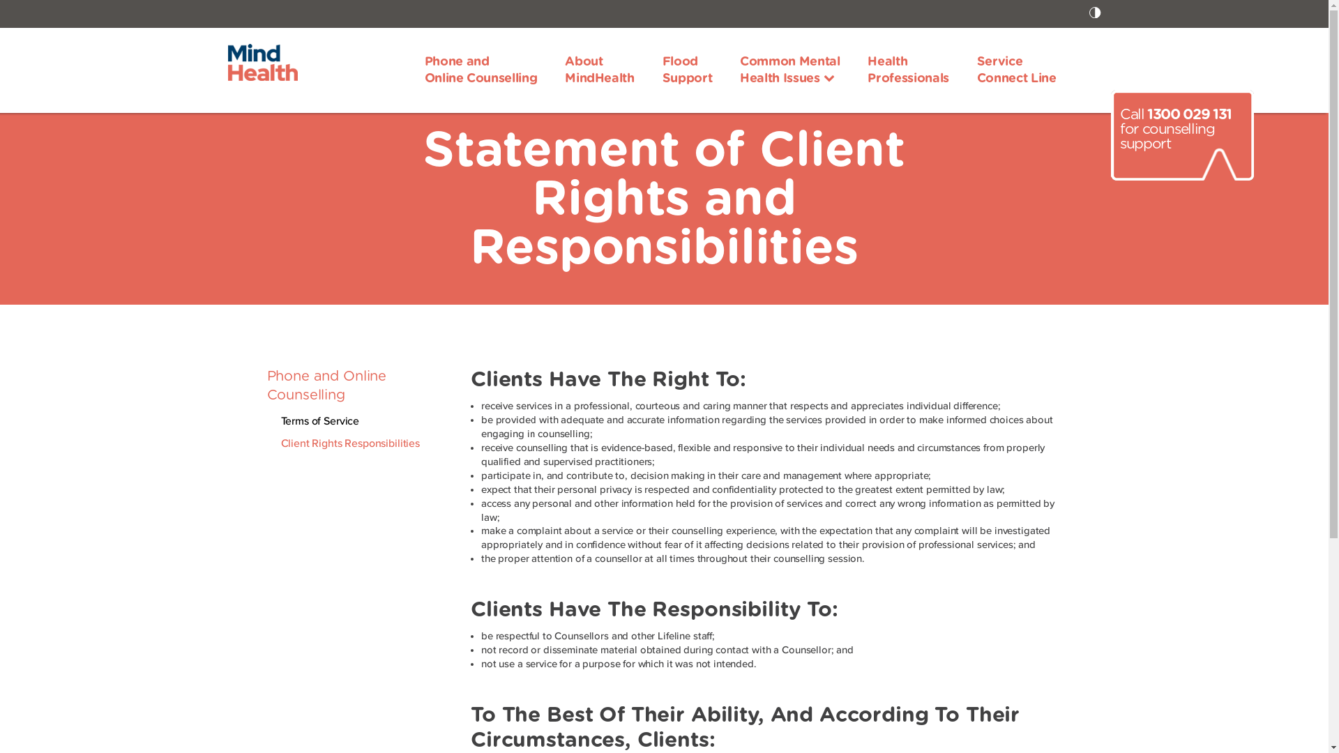  What do you see at coordinates (687, 70) in the screenshot?
I see `'Flood` at bounding box center [687, 70].